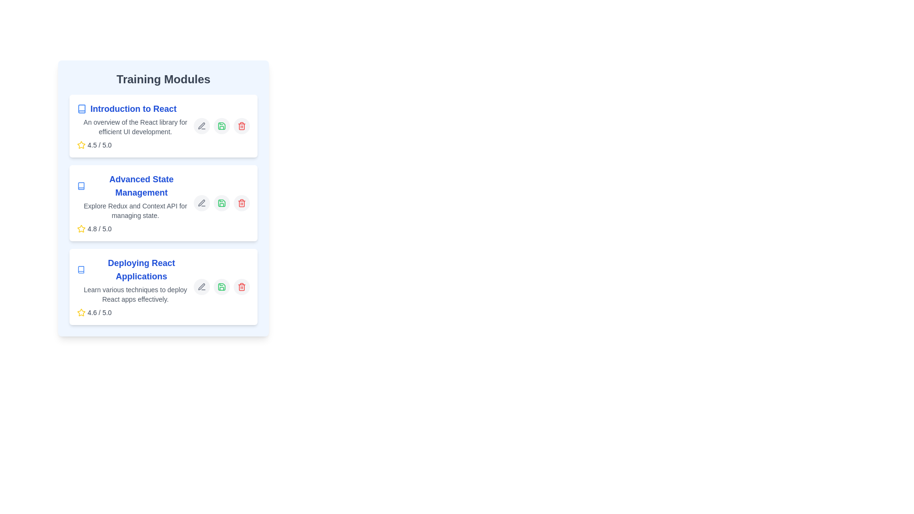 The height and width of the screenshot is (514, 914). I want to click on the title text element that serves as a header for the advanced state management techniques module, located below the 'Introduction to React' module and above the 'Deploying React Applications' module, so click(135, 186).